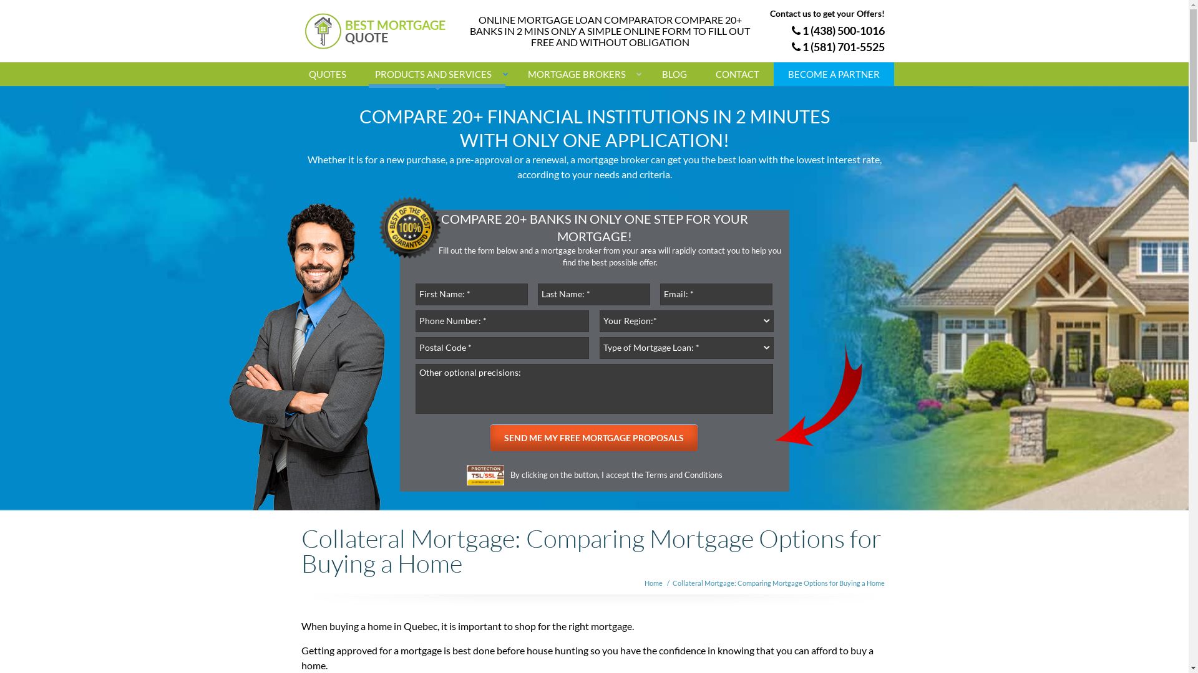 Image resolution: width=1198 pixels, height=673 pixels. Describe the element at coordinates (382, 31) in the screenshot. I see `'BEST MORTGAGE` at that location.